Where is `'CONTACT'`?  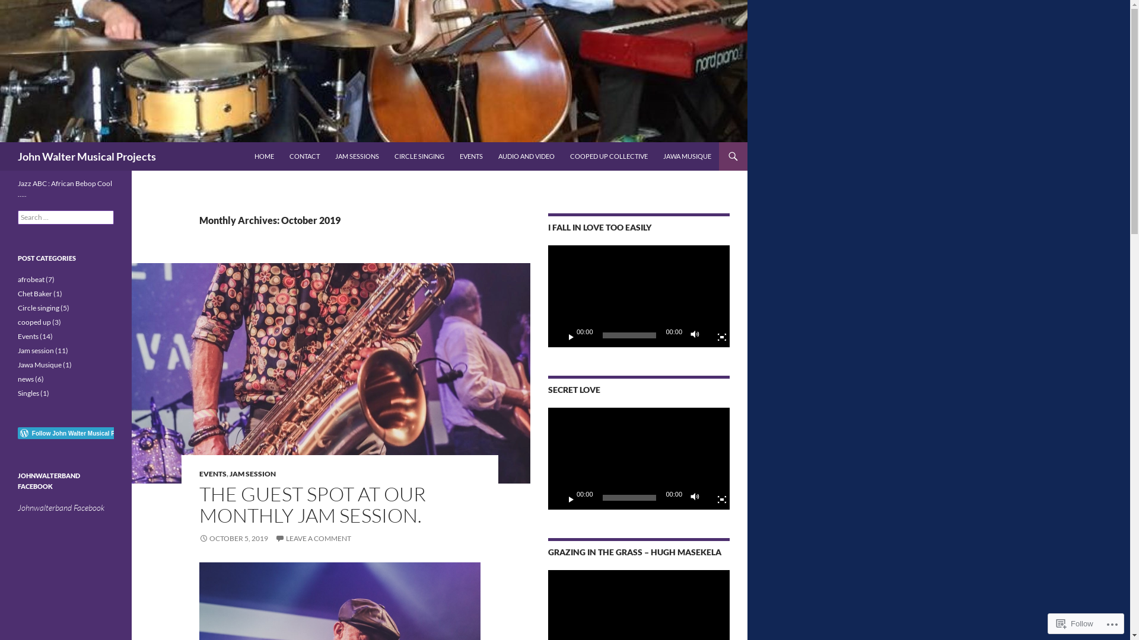 'CONTACT' is located at coordinates (304, 155).